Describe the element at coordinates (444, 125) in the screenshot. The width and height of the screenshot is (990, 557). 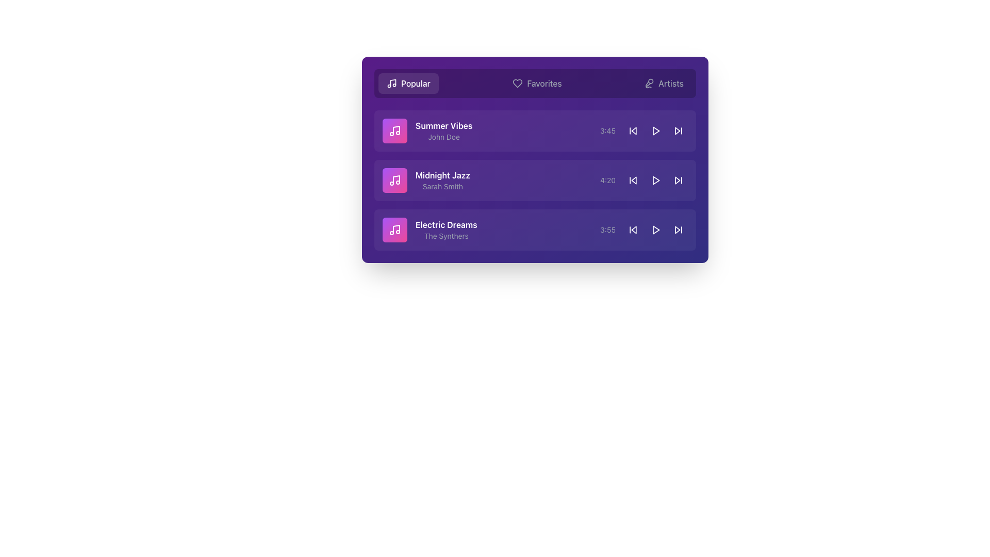
I see `the 'Summer Vibes' text label, which is displayed in a prominent white, bold font against a purple background, located at the beginning of a list entry` at that location.